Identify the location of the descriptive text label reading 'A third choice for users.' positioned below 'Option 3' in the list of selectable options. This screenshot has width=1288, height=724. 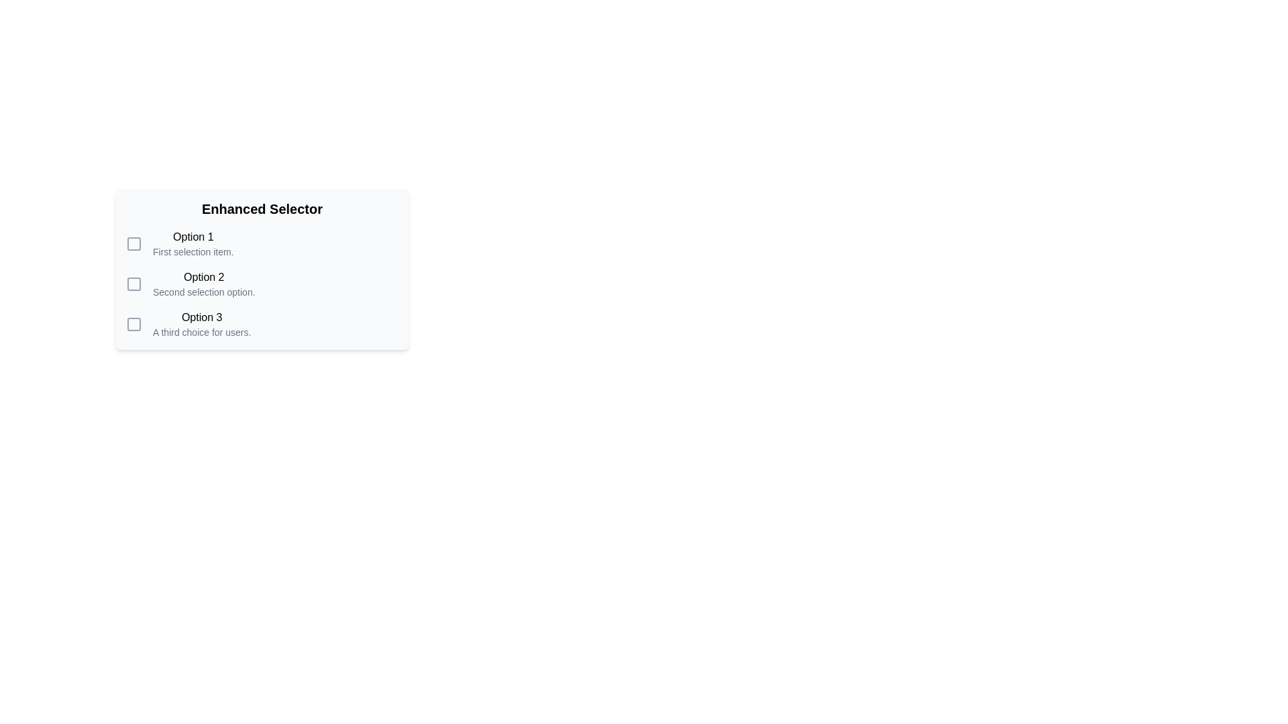
(201, 332).